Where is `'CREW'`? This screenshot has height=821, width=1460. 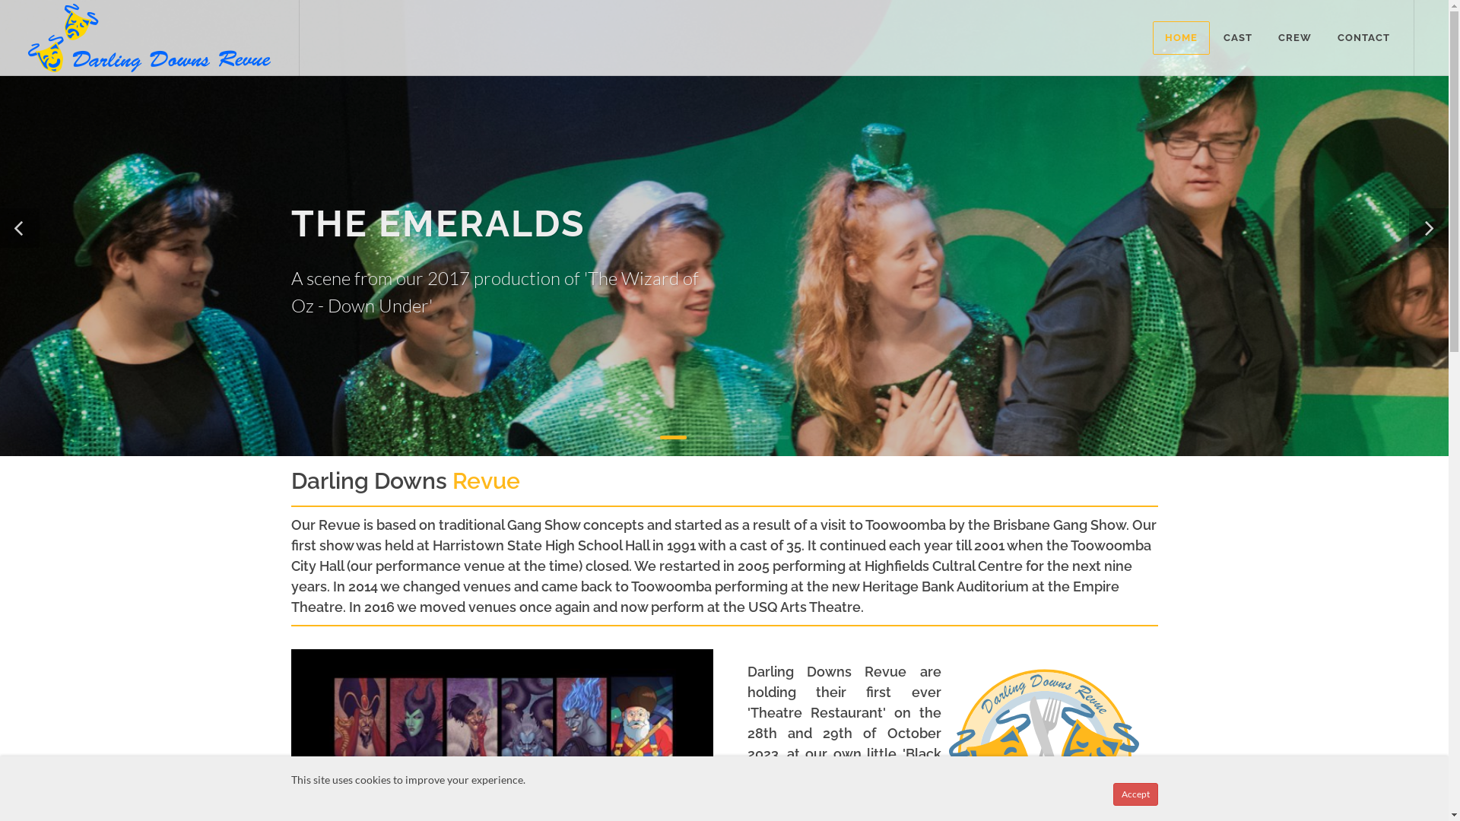 'CREW' is located at coordinates (1294, 37).